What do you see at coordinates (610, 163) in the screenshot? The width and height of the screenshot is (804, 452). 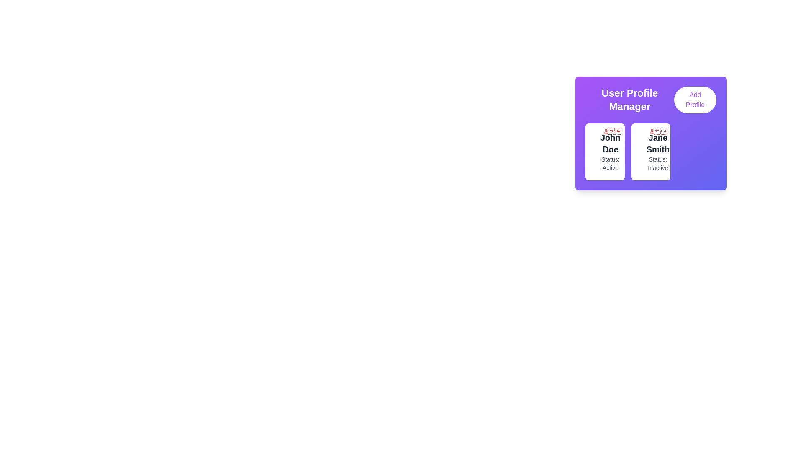 I see `the static text label displaying 'Status: Active', which is styled in a light gray font and positioned below the 'John Doe' label in the User Profile Manager panel` at bounding box center [610, 163].